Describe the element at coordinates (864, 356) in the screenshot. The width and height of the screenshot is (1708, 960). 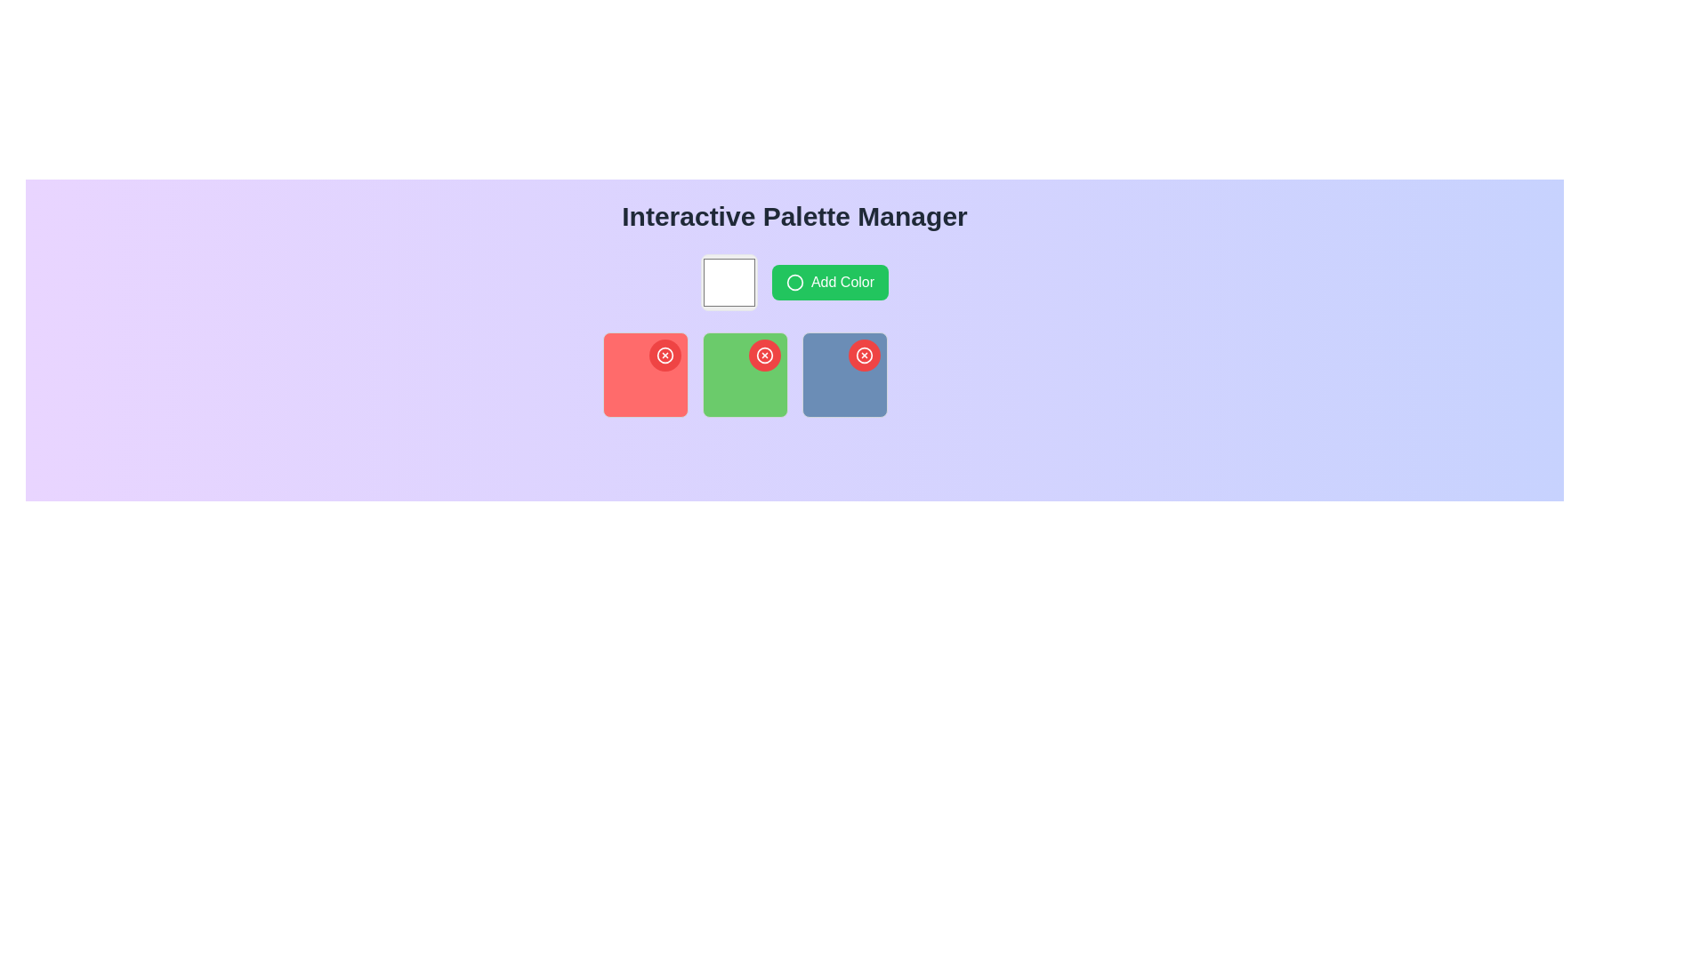
I see `the circular SVG icon with a red fill and white stroke located at the top-right edge of the red square` at that location.